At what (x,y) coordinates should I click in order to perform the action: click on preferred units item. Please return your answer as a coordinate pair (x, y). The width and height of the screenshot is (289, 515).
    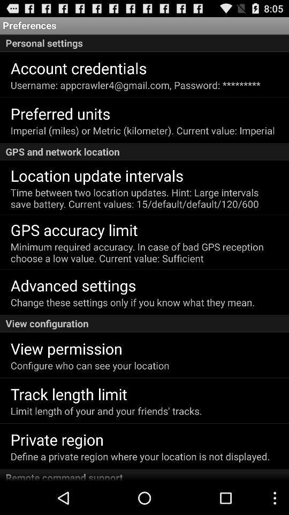
    Looking at the image, I should click on (60, 113).